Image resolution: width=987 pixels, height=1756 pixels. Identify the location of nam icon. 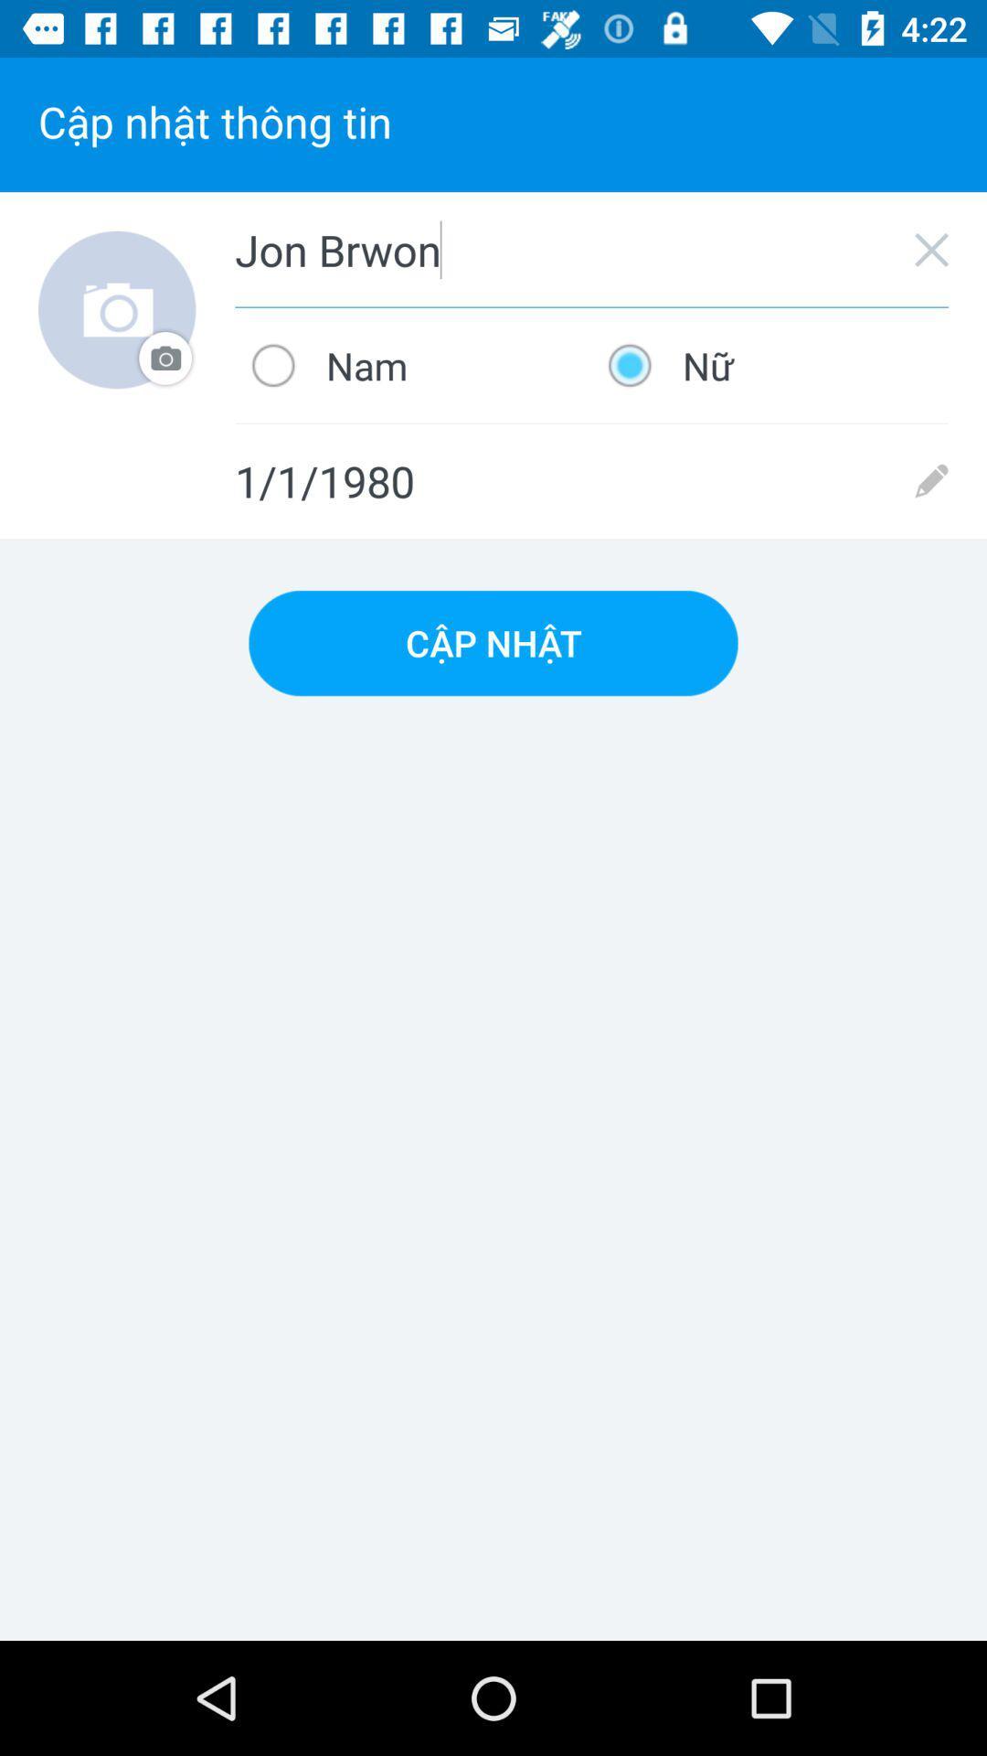
(413, 365).